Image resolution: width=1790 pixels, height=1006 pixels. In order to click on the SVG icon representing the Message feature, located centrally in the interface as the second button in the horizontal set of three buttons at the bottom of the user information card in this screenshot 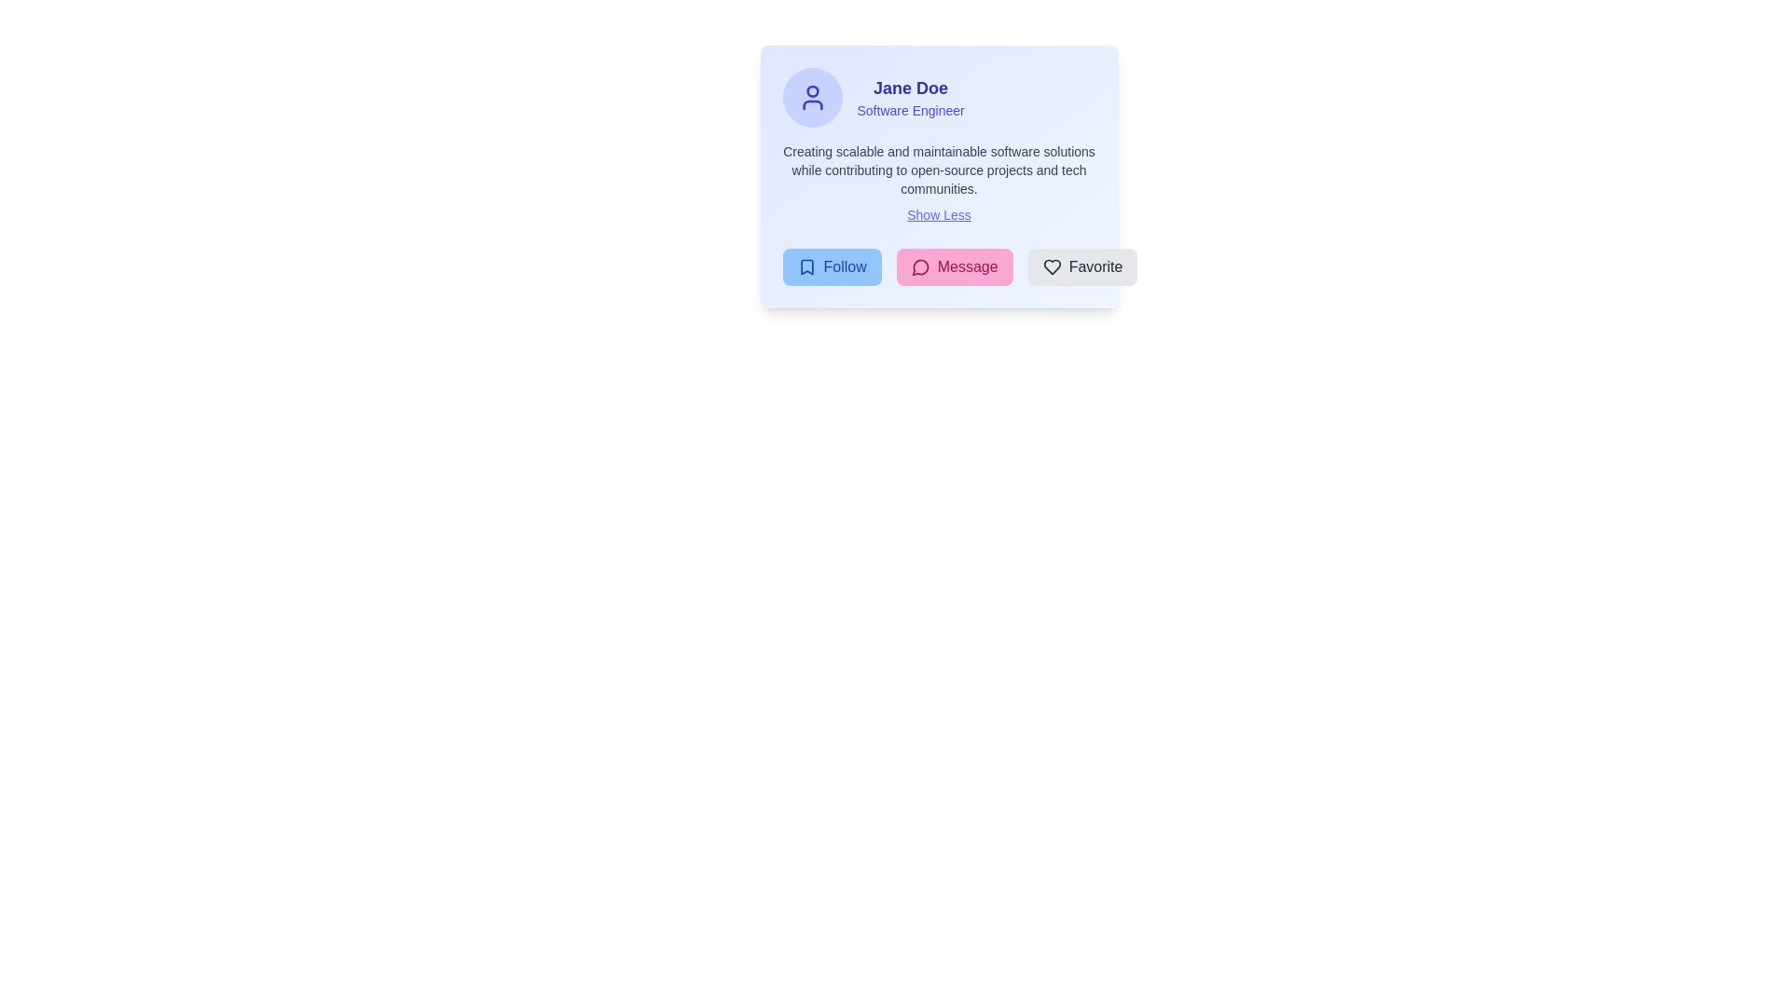, I will do `click(920, 267)`.